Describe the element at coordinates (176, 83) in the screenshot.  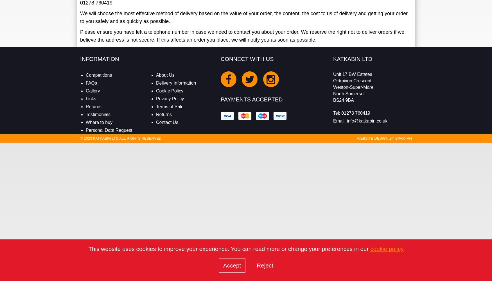
I see `'Delivery Information'` at that location.